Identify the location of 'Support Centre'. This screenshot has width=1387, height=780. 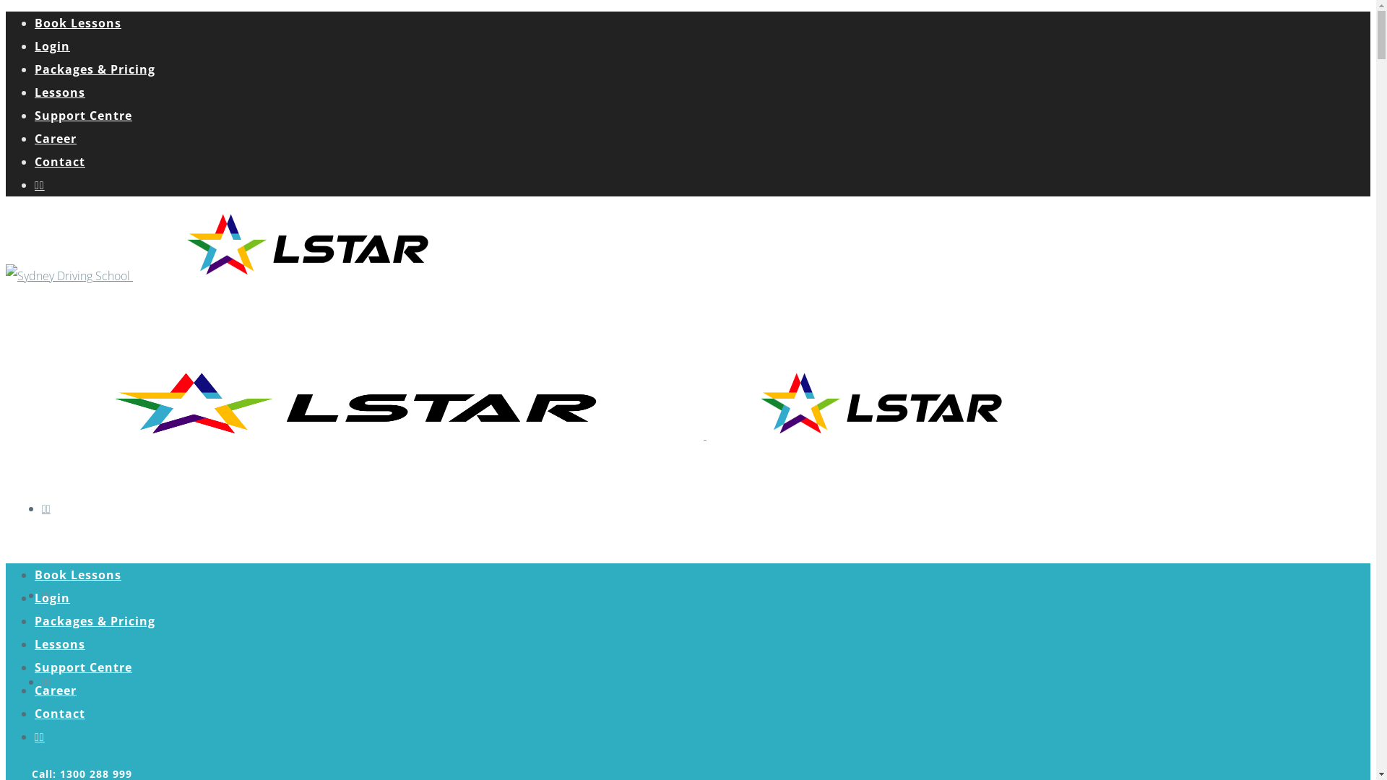
(82, 667).